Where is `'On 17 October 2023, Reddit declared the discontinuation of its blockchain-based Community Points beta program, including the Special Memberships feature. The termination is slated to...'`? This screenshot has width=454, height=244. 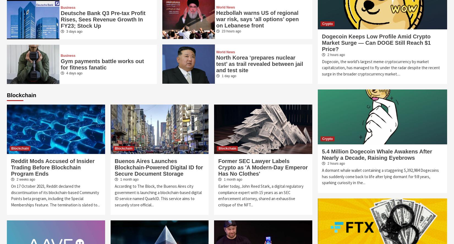
'On 17 October 2023, Reddit declared the discontinuation of its blockchain-based Community Points beta program, including the Special Memberships feature. The termination is slated to...' is located at coordinates (55, 195).